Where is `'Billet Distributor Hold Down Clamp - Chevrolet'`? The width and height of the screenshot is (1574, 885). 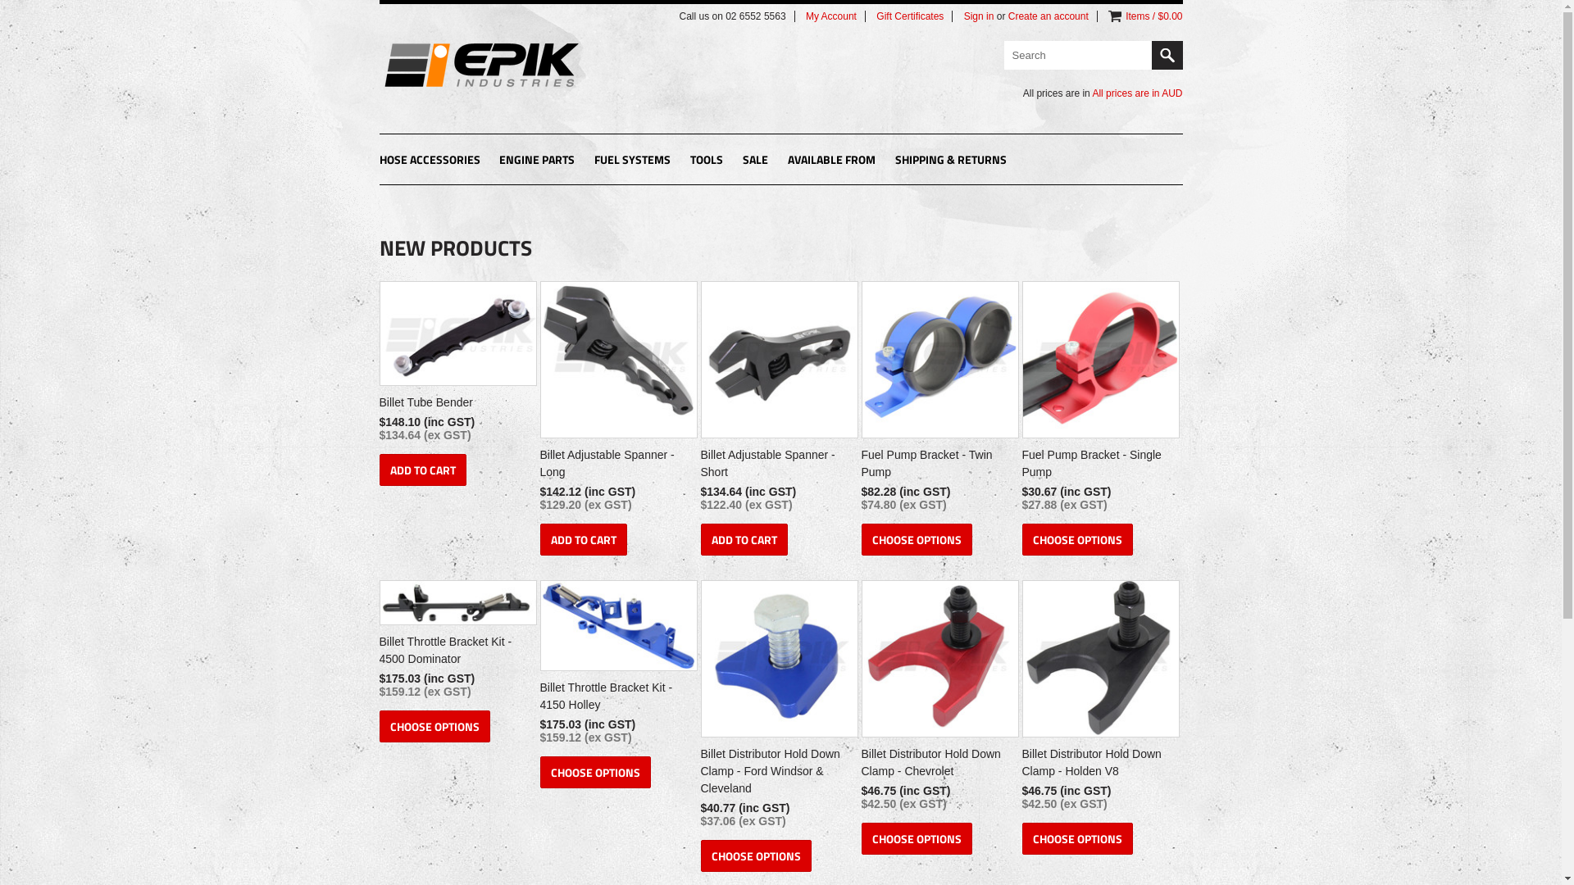 'Billet Distributor Hold Down Clamp - Chevrolet' is located at coordinates (937, 765).